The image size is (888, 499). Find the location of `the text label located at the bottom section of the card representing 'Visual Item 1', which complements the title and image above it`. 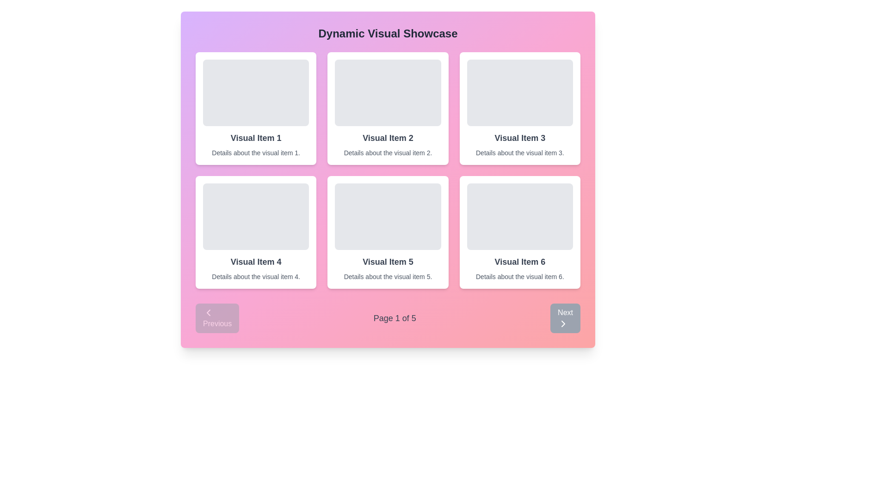

the text label located at the bottom section of the card representing 'Visual Item 1', which complements the title and image above it is located at coordinates (256, 152).